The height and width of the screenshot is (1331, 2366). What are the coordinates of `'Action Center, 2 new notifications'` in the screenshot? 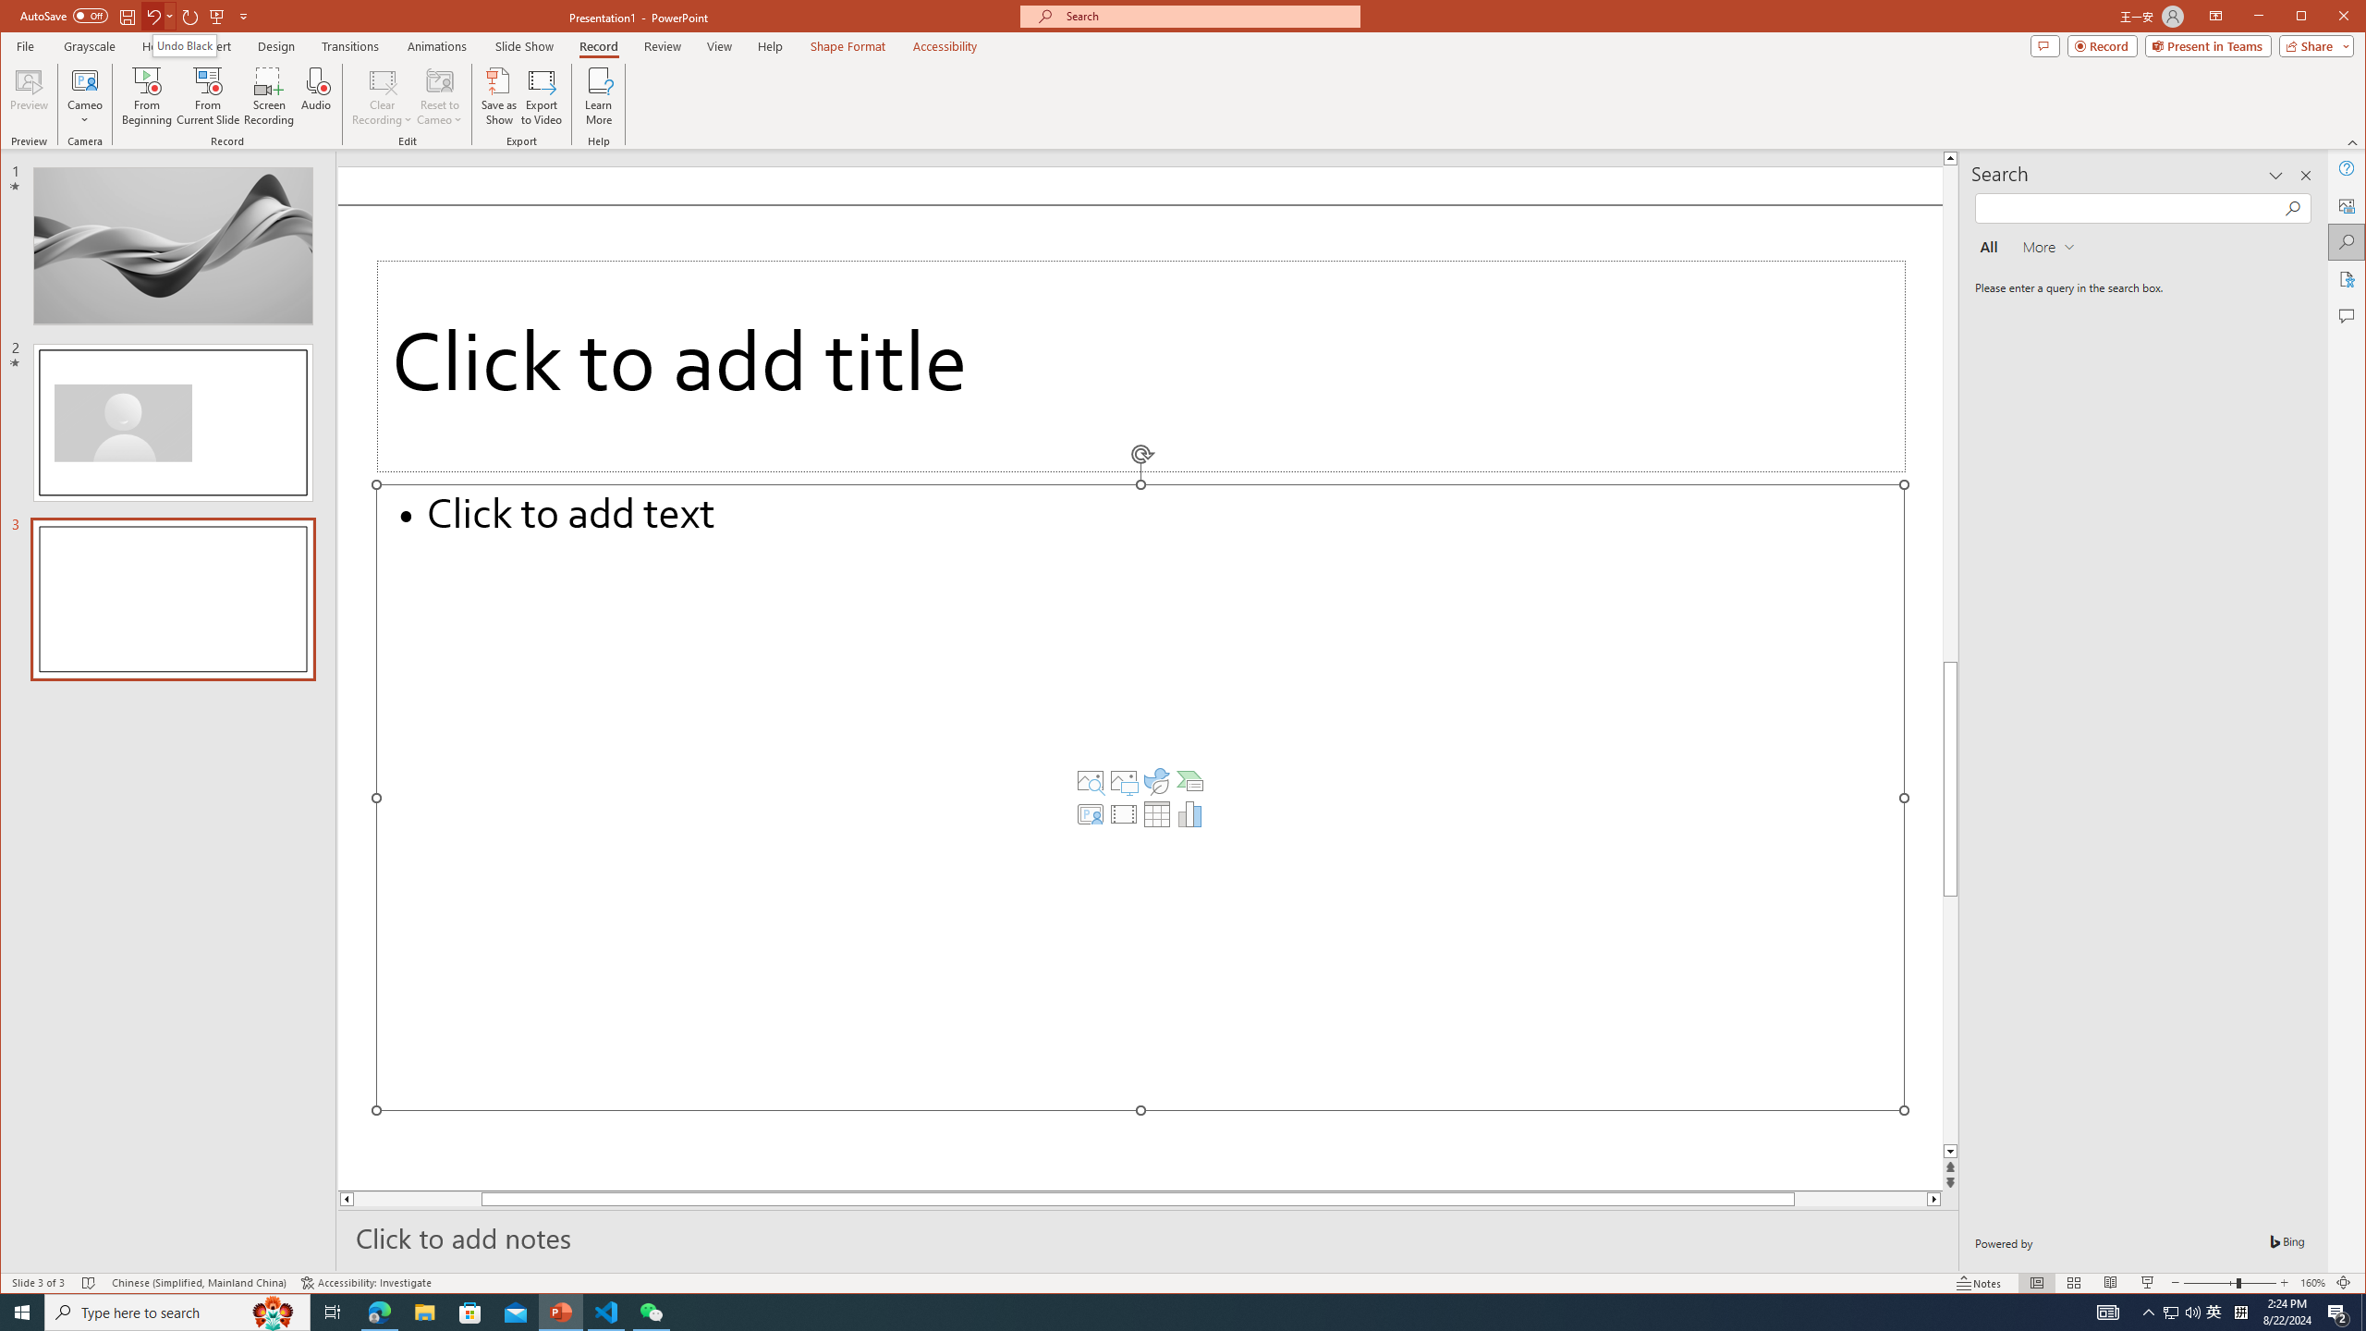 It's located at (2338, 1311).